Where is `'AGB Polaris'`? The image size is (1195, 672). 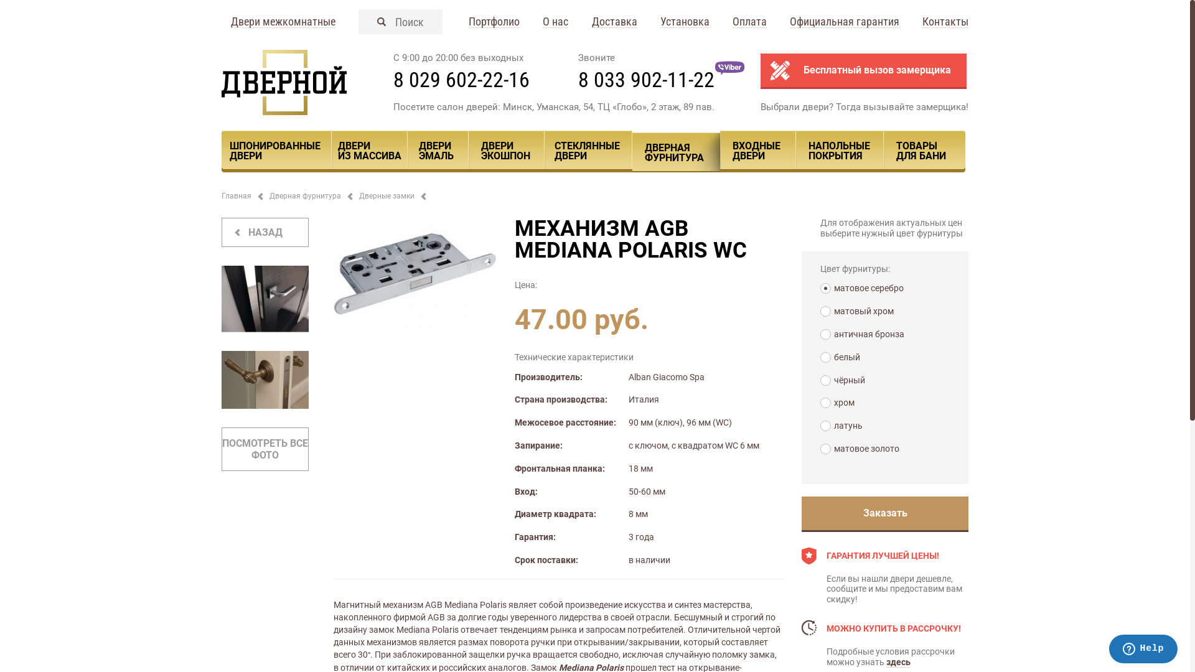
'AGB Polaris' is located at coordinates (415, 273).